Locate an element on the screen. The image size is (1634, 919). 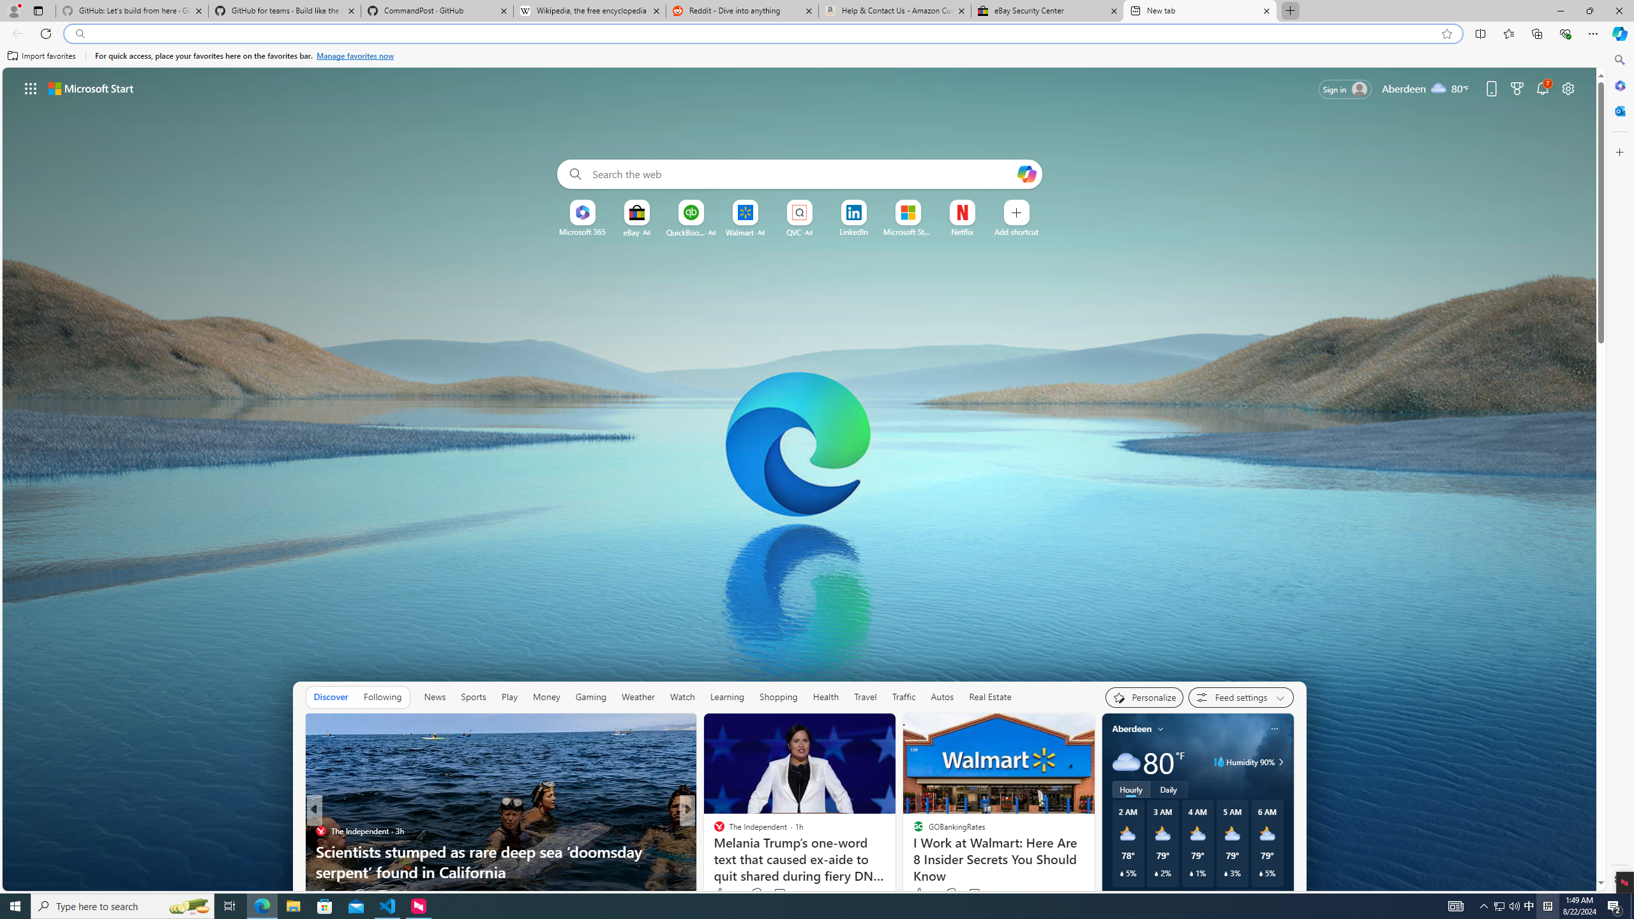
'Shopping' is located at coordinates (777, 696).